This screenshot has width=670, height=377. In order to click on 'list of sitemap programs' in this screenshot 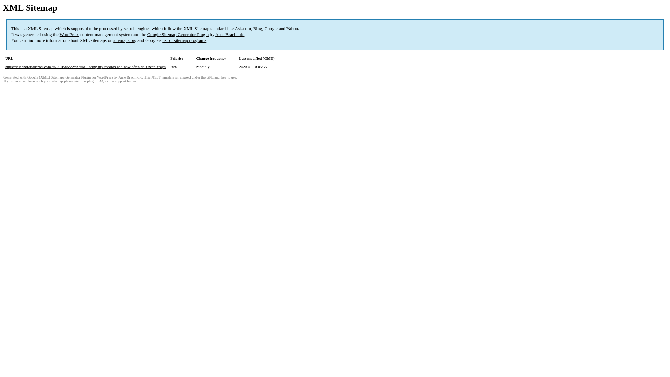, I will do `click(184, 40)`.